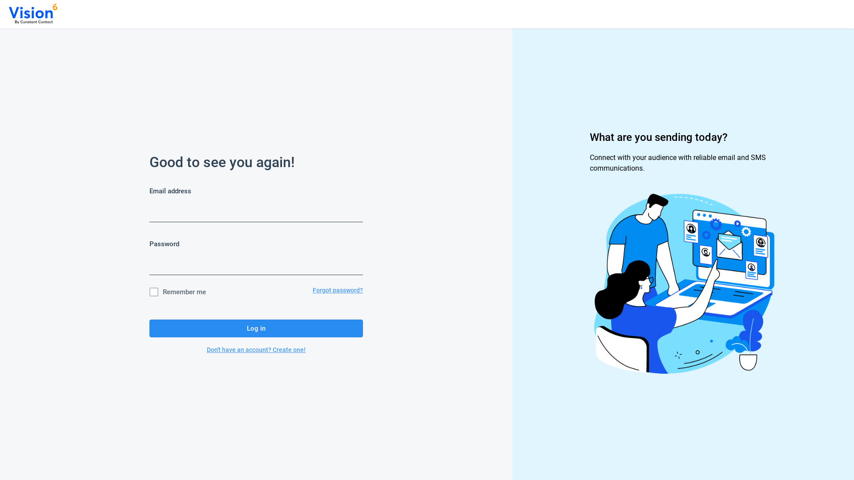 The image size is (854, 480). I want to click on 'Forgot password?', so click(337, 292).